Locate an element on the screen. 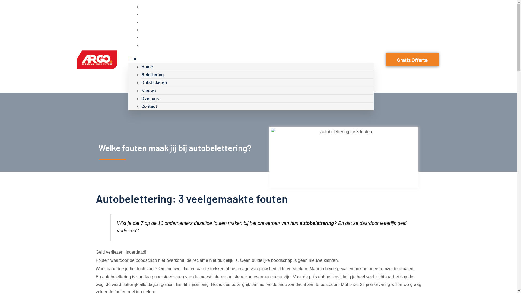 The height and width of the screenshot is (293, 521). 'Nieuws' is located at coordinates (148, 90).